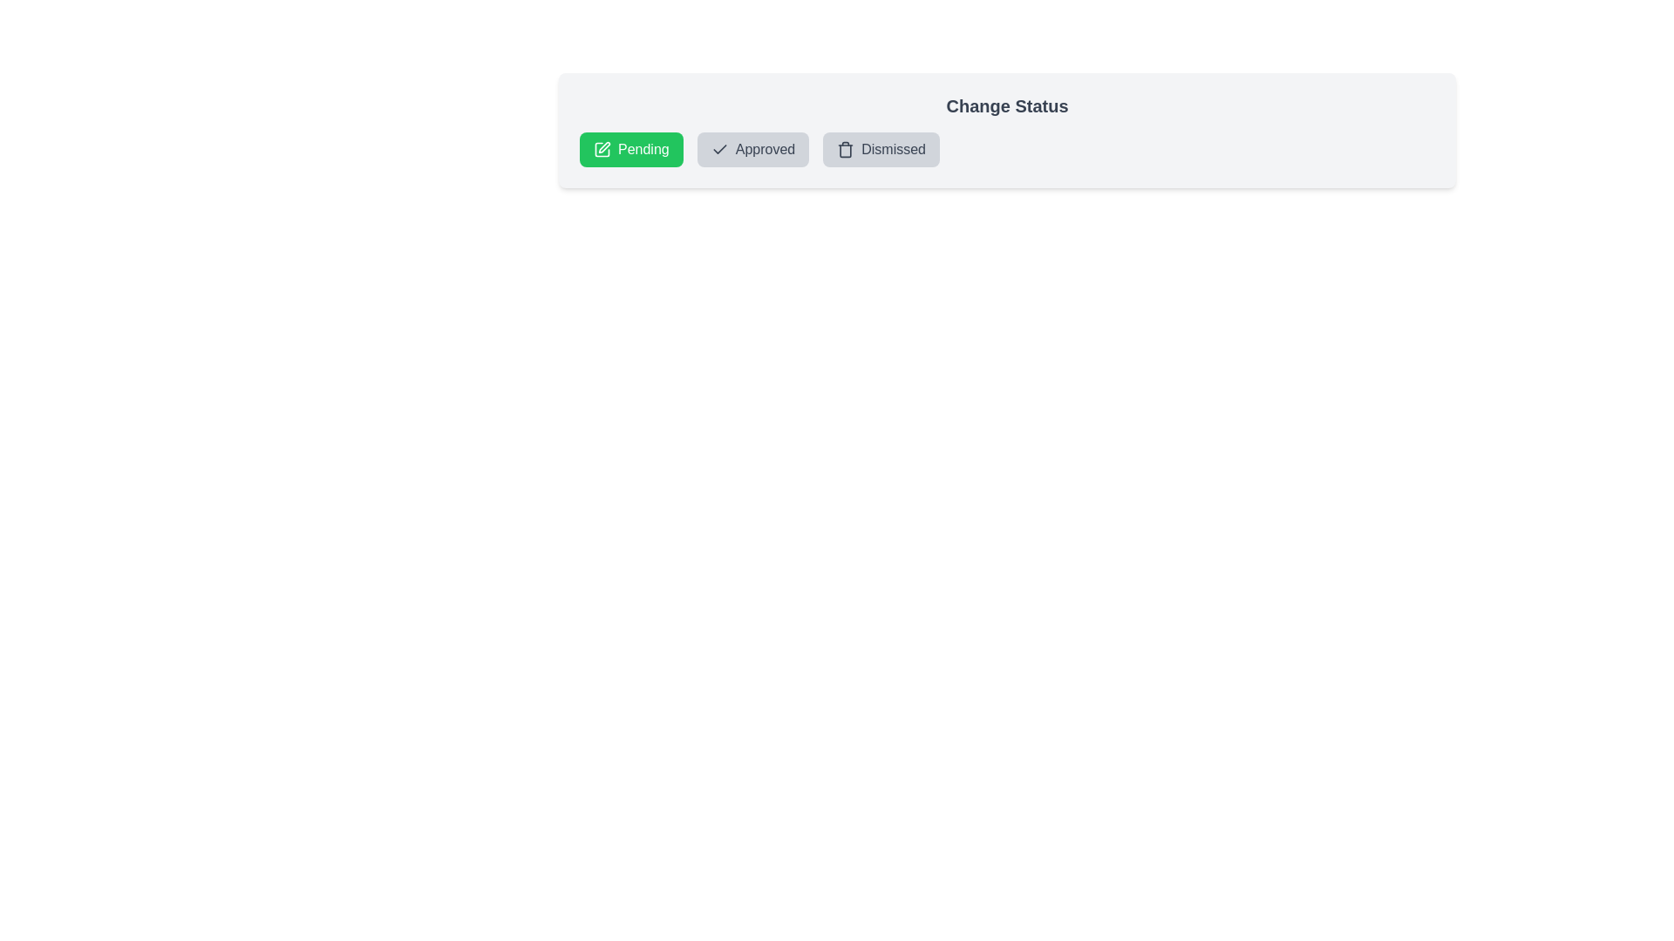  Describe the element at coordinates (881, 149) in the screenshot. I see `the status chip labeled 'Dismissed' to observe its hover effect` at that location.